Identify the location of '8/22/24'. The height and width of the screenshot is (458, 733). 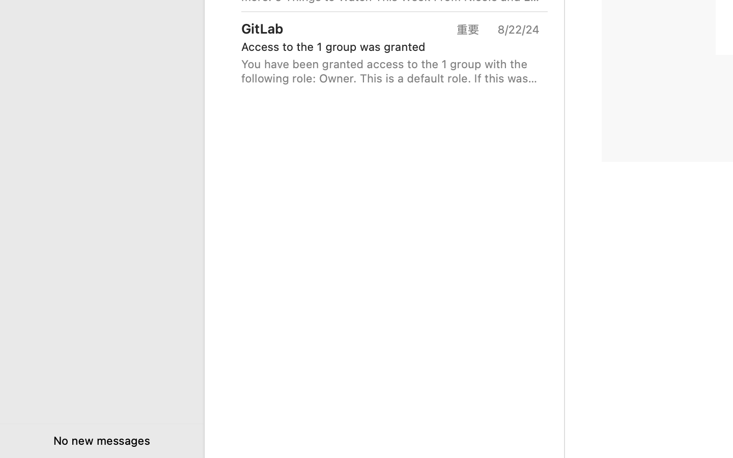
(517, 28).